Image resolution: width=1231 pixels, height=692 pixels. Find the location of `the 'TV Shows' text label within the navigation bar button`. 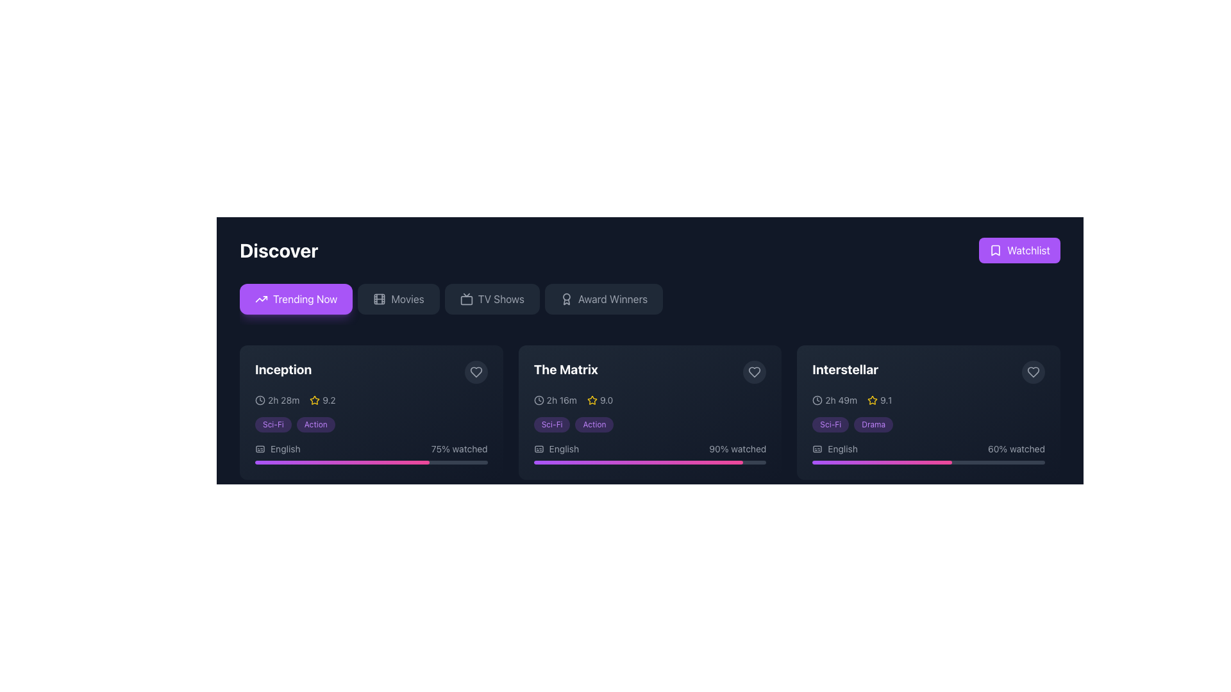

the 'TV Shows' text label within the navigation bar button is located at coordinates (500, 299).